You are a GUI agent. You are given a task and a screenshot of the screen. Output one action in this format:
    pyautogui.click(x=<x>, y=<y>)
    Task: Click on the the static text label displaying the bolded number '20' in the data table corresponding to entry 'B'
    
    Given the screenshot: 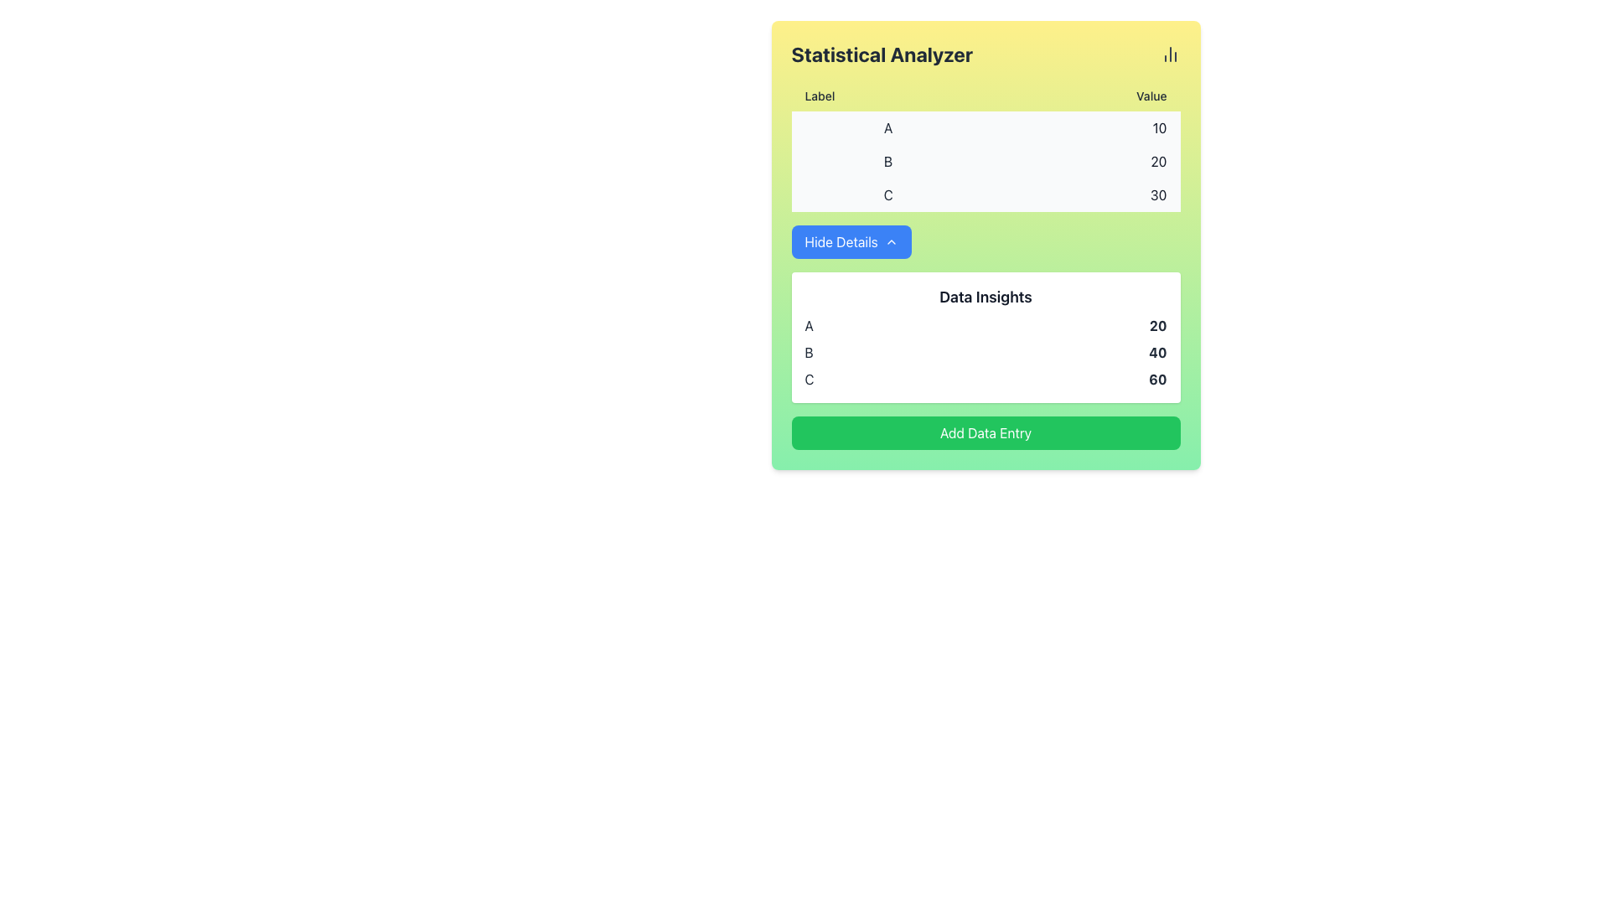 What is the action you would take?
    pyautogui.click(x=1157, y=326)
    